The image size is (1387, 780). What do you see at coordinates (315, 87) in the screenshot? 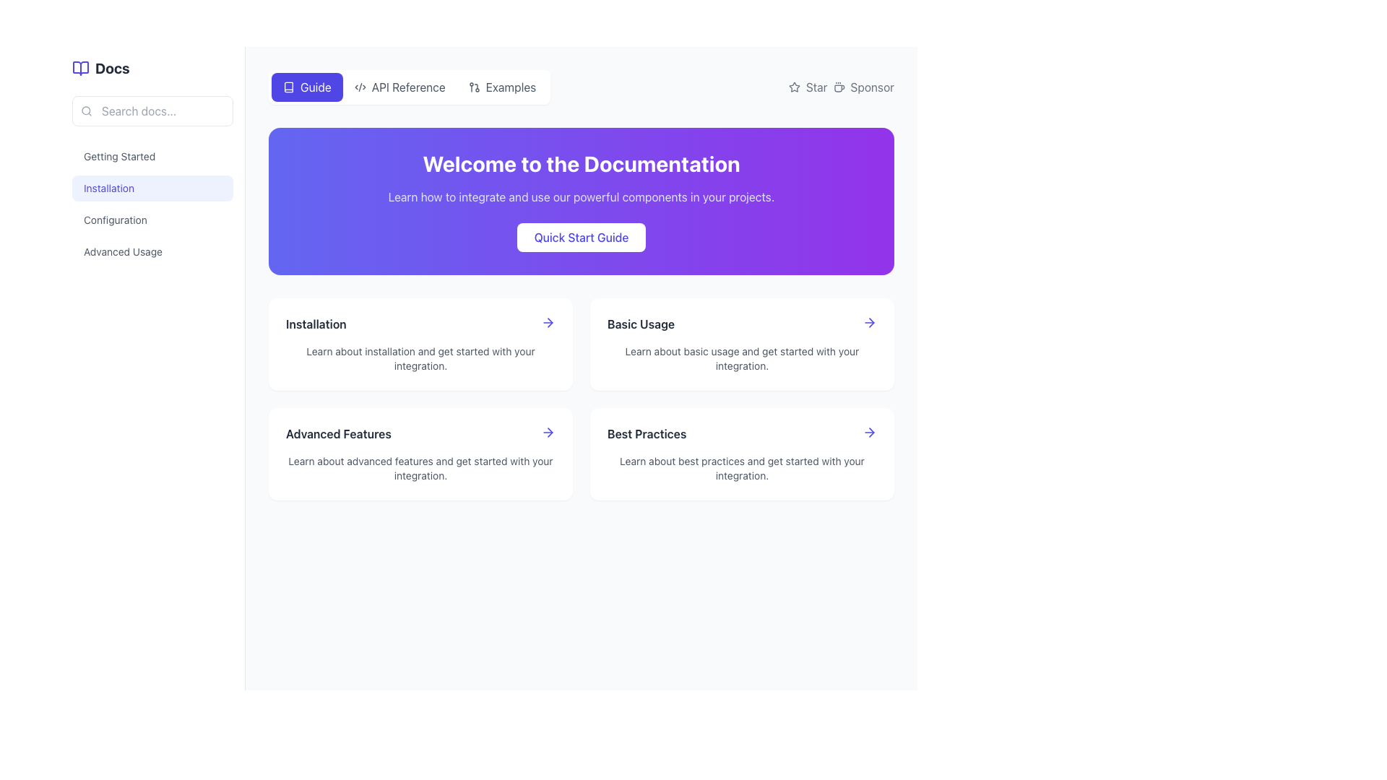
I see `the 'Guide' text label, which is styled with white text on a blue background and positioned within a blue button in the header section` at bounding box center [315, 87].